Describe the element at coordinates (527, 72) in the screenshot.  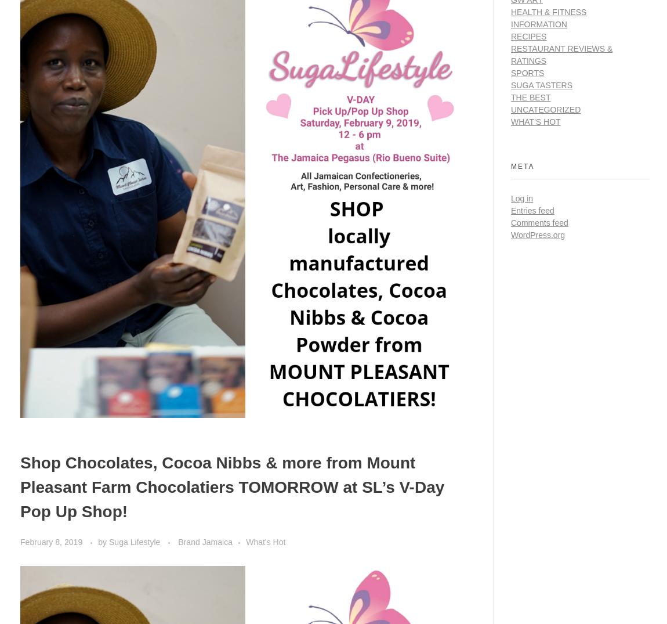
I see `'Sports'` at that location.